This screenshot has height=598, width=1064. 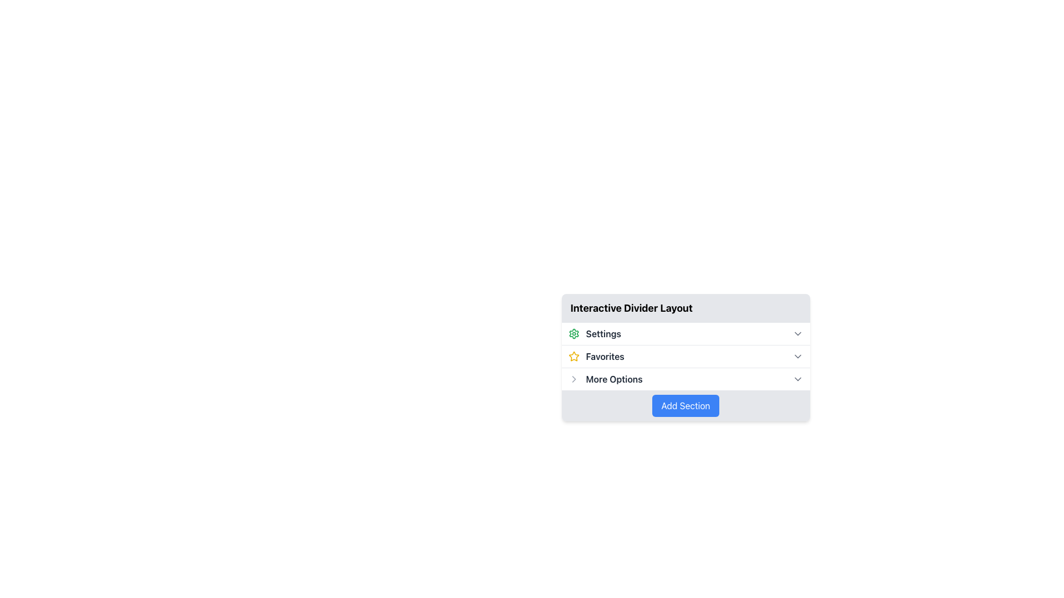 I want to click on the 'Settings' dropdown menu item, so click(x=685, y=333).